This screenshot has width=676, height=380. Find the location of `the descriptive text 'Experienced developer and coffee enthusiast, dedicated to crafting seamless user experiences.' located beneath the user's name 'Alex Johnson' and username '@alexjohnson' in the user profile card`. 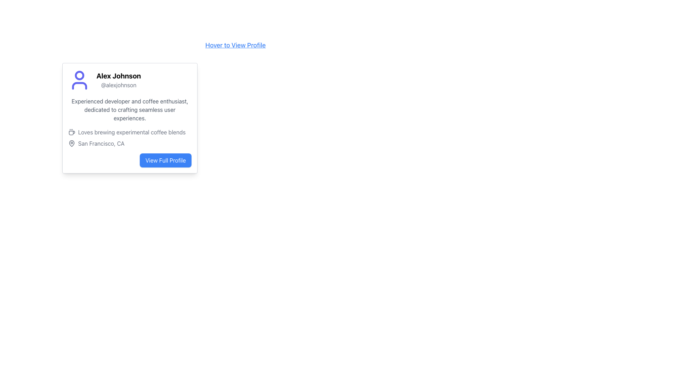

the descriptive text 'Experienced developer and coffee enthusiast, dedicated to crafting seamless user experiences.' located beneath the user's name 'Alex Johnson' and username '@alexjohnson' in the user profile card is located at coordinates (130, 110).